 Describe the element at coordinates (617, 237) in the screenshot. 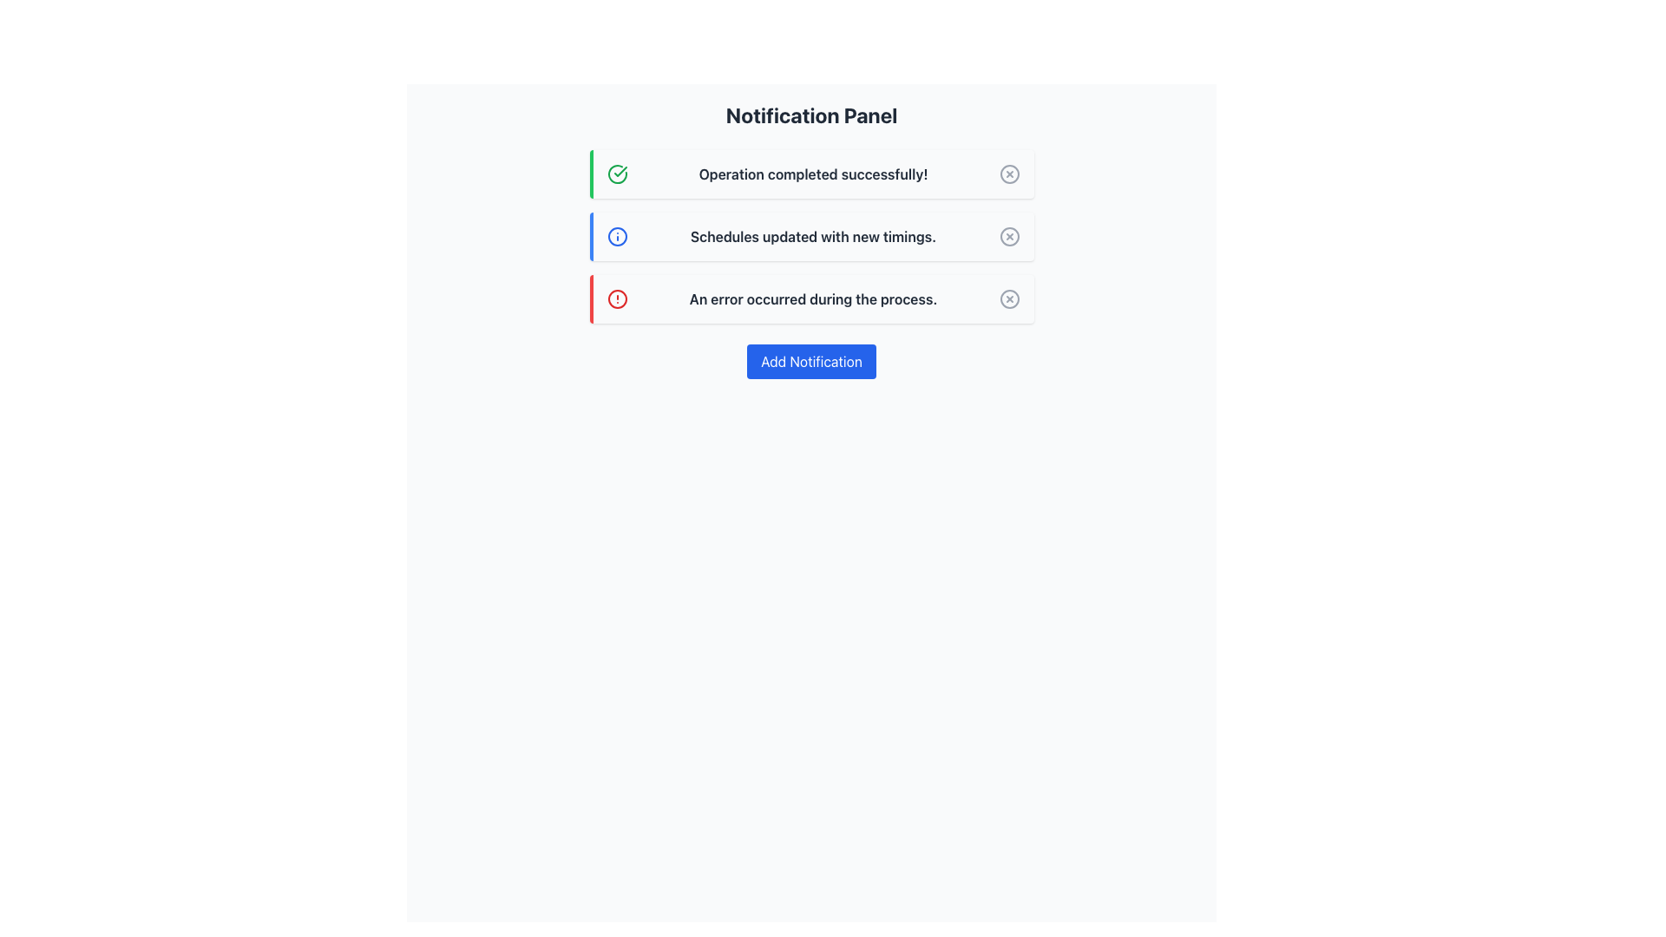

I see `the circular graphical indicator with a blue outer ring and white inner disk, located in the second row's leftmost icon of the notification panel, adjacent to the text 'Schedules updated with new timings.'` at that location.